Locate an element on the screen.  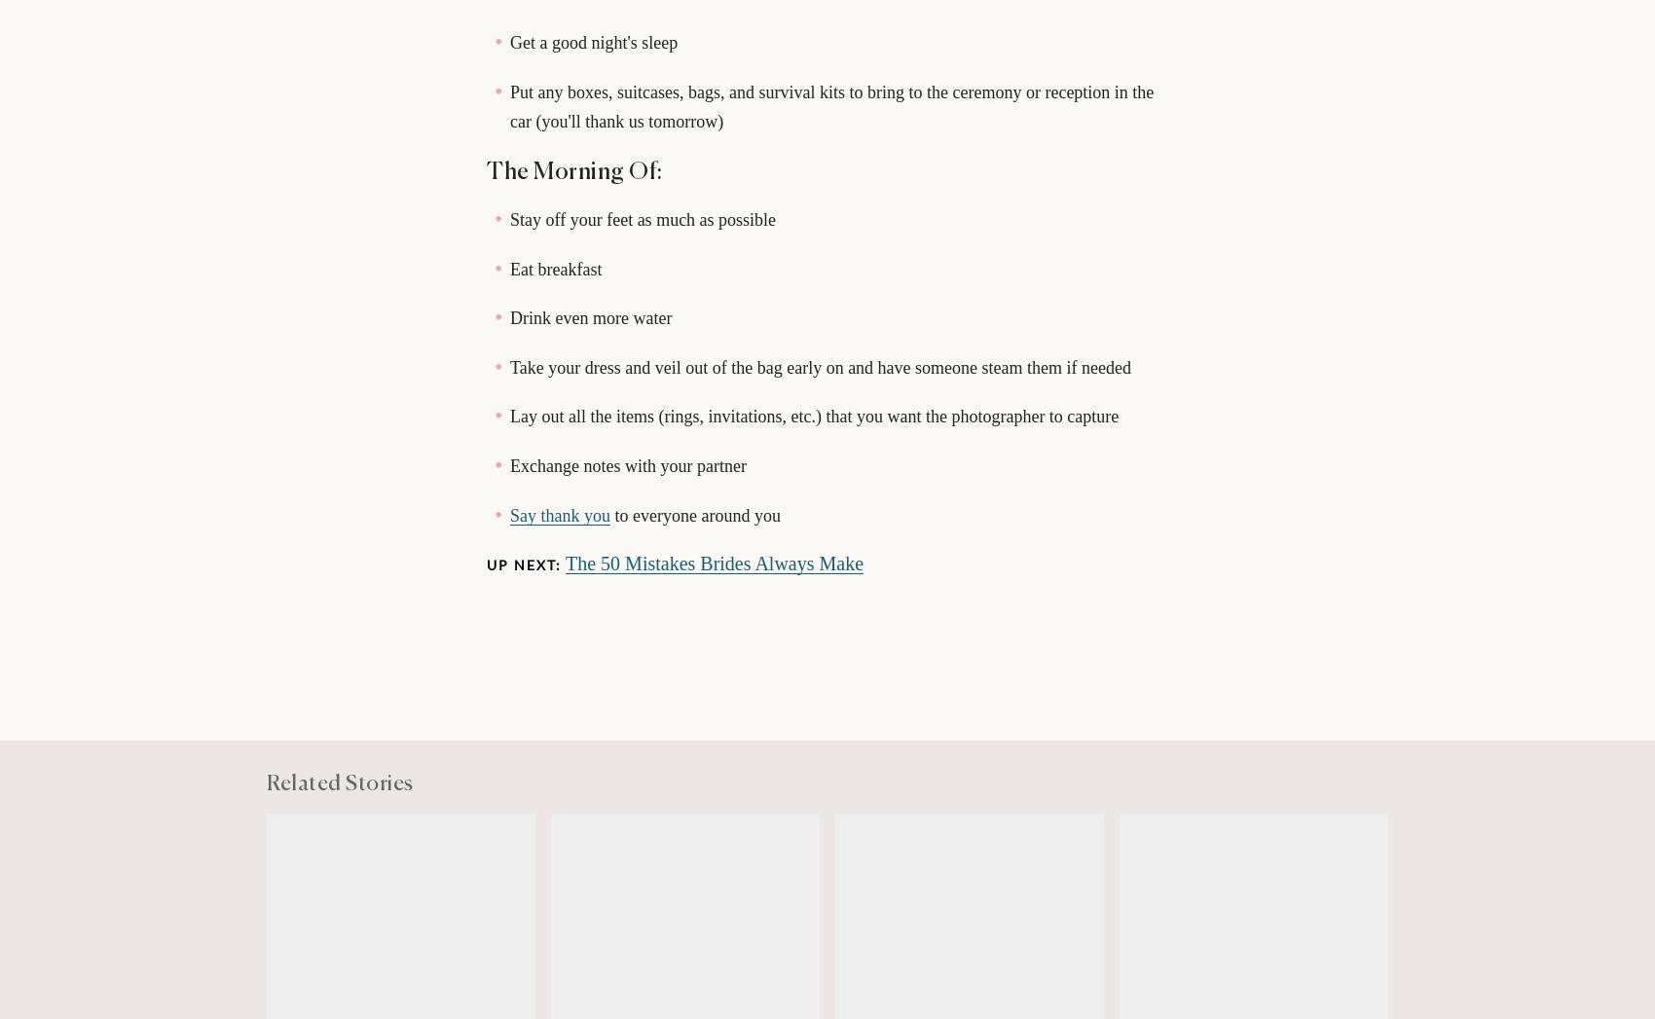
'Take your dress and veil out of the bag early on and have someone steam them if needed' is located at coordinates (820, 367).